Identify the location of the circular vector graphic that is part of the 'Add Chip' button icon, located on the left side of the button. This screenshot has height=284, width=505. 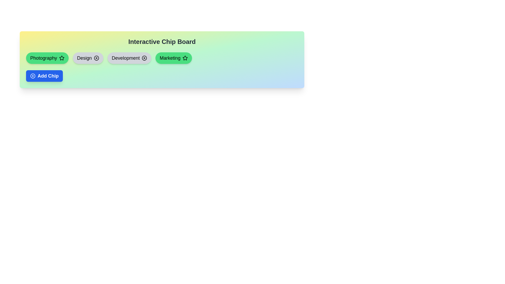
(32, 76).